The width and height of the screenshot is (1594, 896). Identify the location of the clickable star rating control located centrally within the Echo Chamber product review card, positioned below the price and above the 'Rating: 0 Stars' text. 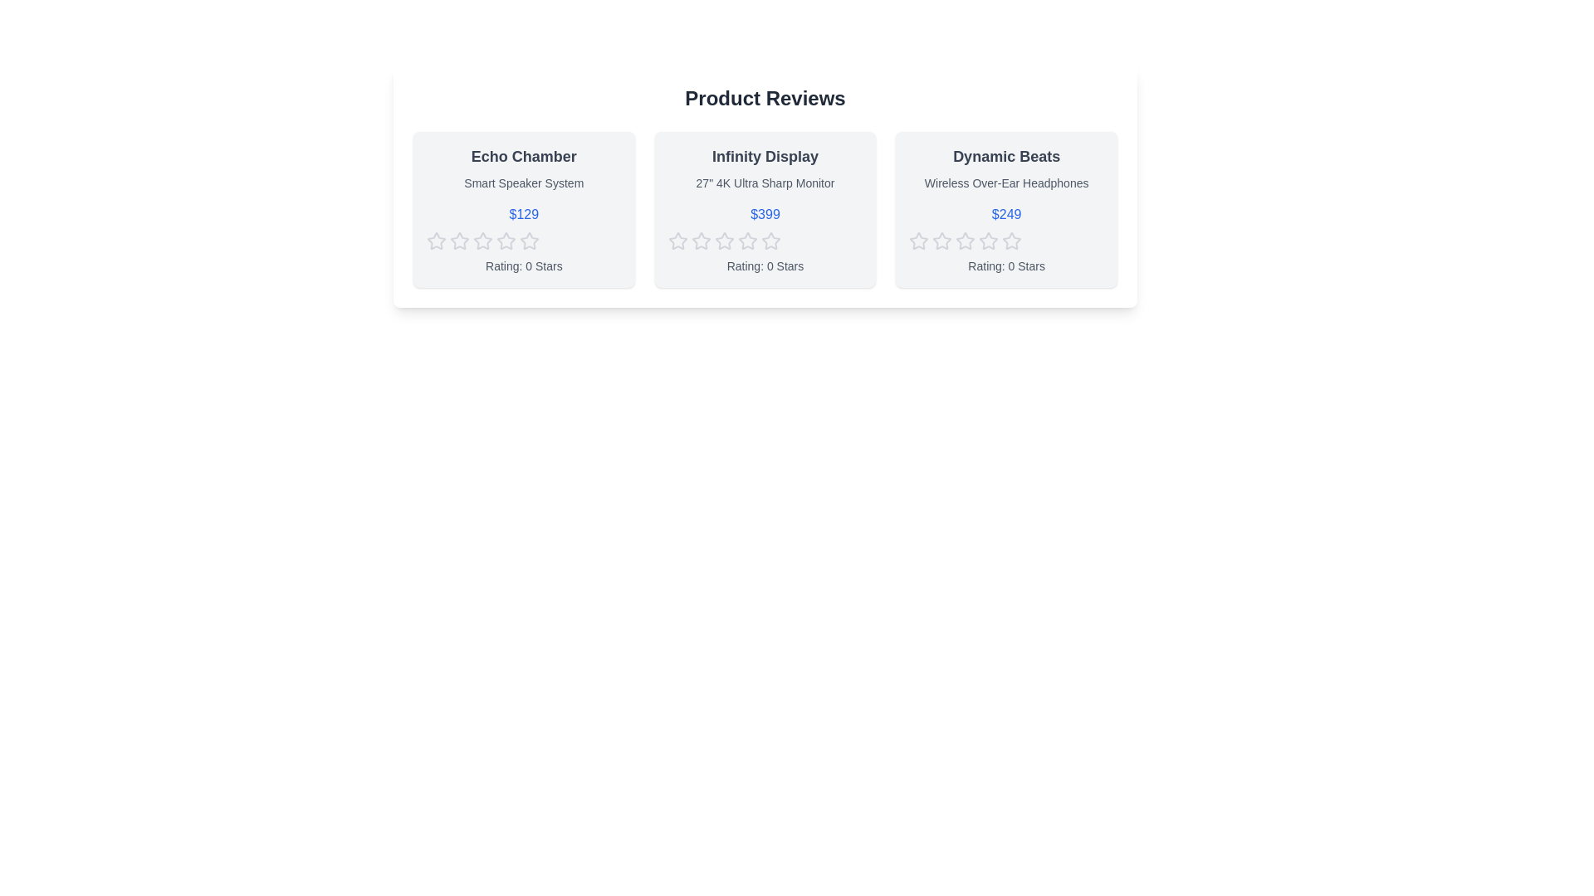
(523, 241).